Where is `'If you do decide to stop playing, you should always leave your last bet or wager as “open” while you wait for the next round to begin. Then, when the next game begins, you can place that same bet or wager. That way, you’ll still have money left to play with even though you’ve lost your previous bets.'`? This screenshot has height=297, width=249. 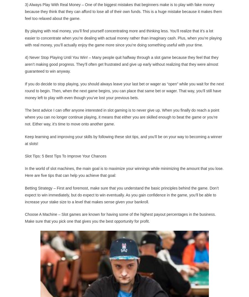
'If you do decide to stop playing, you should always leave your last bet or wager as “open” while you wait for the next round to begin. Then, when the next game begins, you can place that same bet or wager. That way, you’ll still have money left to play with even though you’ve lost your previous bets.' is located at coordinates (124, 90).